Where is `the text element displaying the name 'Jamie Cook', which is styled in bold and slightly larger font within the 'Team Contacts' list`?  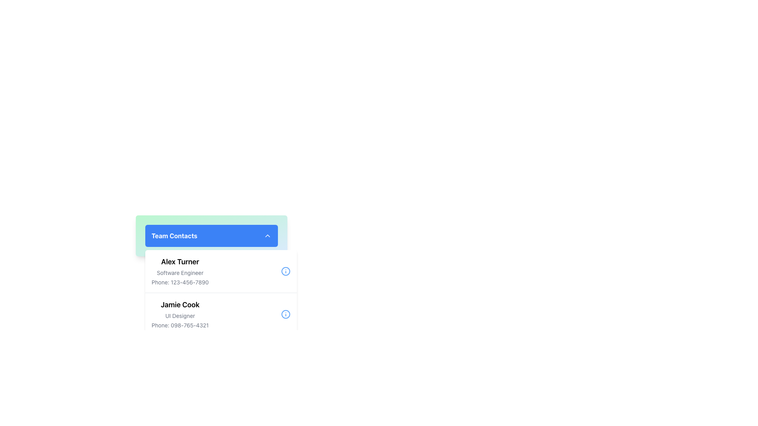
the text element displaying the name 'Jamie Cook', which is styled in bold and slightly larger font within the 'Team Contacts' list is located at coordinates (180, 304).